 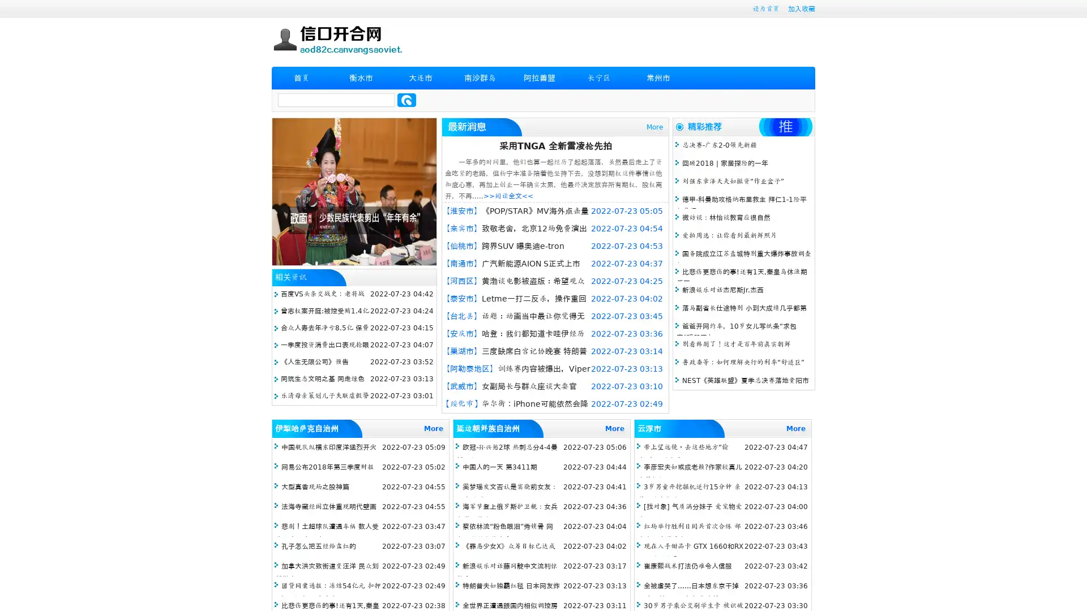 What do you see at coordinates (406, 100) in the screenshot?
I see `Search` at bounding box center [406, 100].